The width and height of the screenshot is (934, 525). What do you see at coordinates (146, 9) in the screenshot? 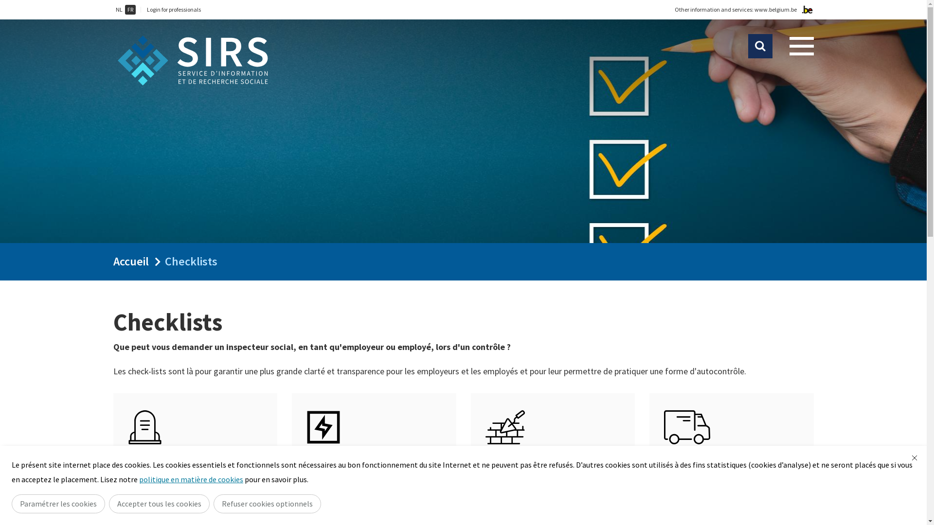
I see `'Login for professionals'` at bounding box center [146, 9].